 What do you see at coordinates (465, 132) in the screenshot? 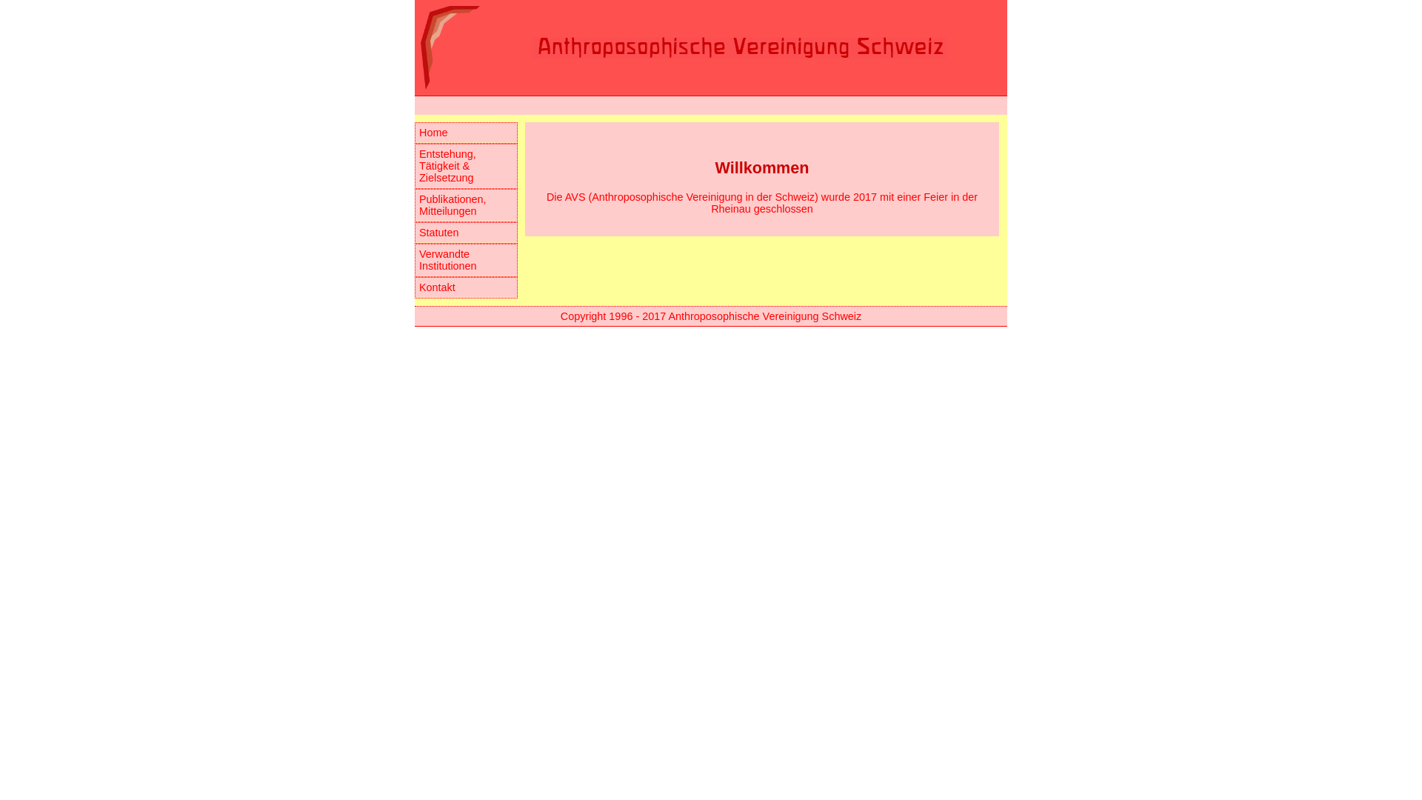
I see `'Home'` at bounding box center [465, 132].